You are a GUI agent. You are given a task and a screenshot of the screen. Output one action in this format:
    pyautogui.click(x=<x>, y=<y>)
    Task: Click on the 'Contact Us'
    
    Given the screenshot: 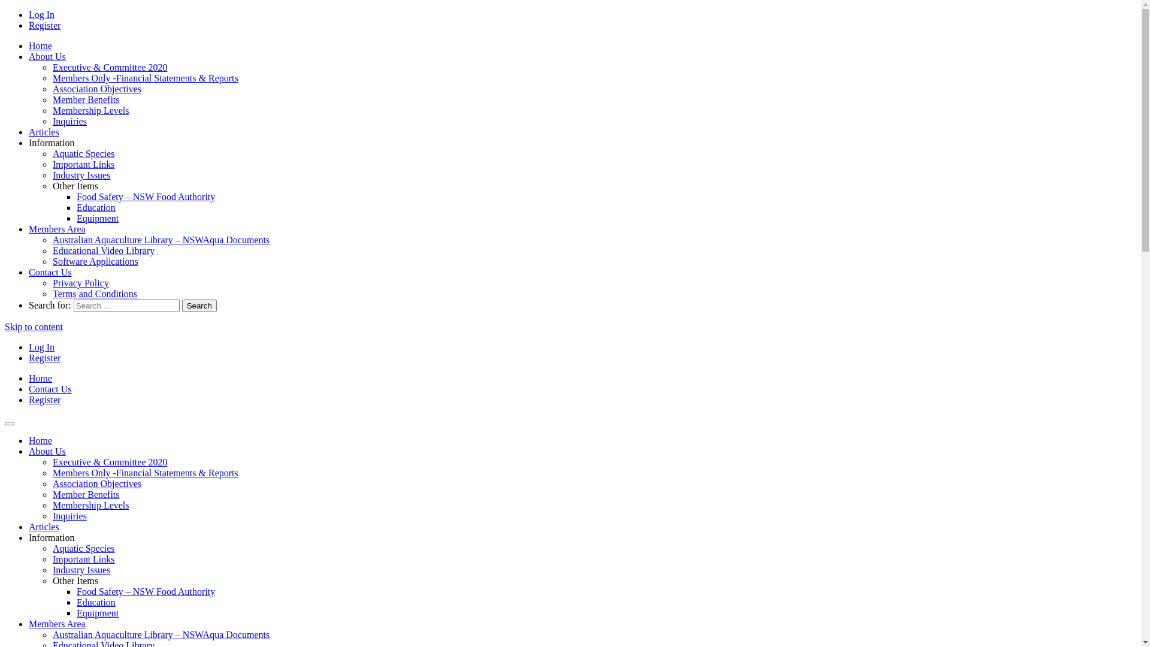 What is the action you would take?
    pyautogui.click(x=49, y=389)
    